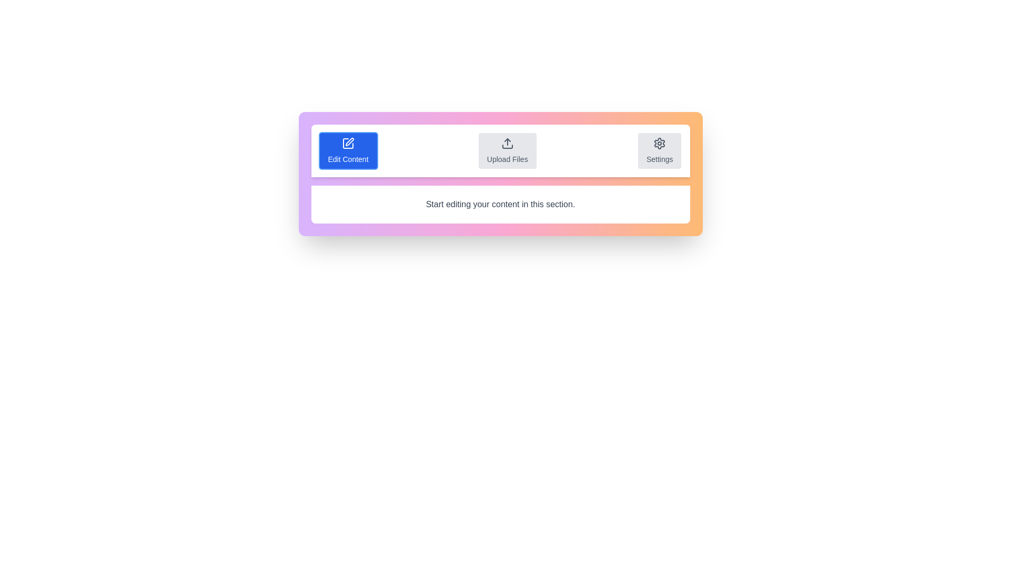  Describe the element at coordinates (659, 144) in the screenshot. I see `the cog-shaped icon button` at that location.